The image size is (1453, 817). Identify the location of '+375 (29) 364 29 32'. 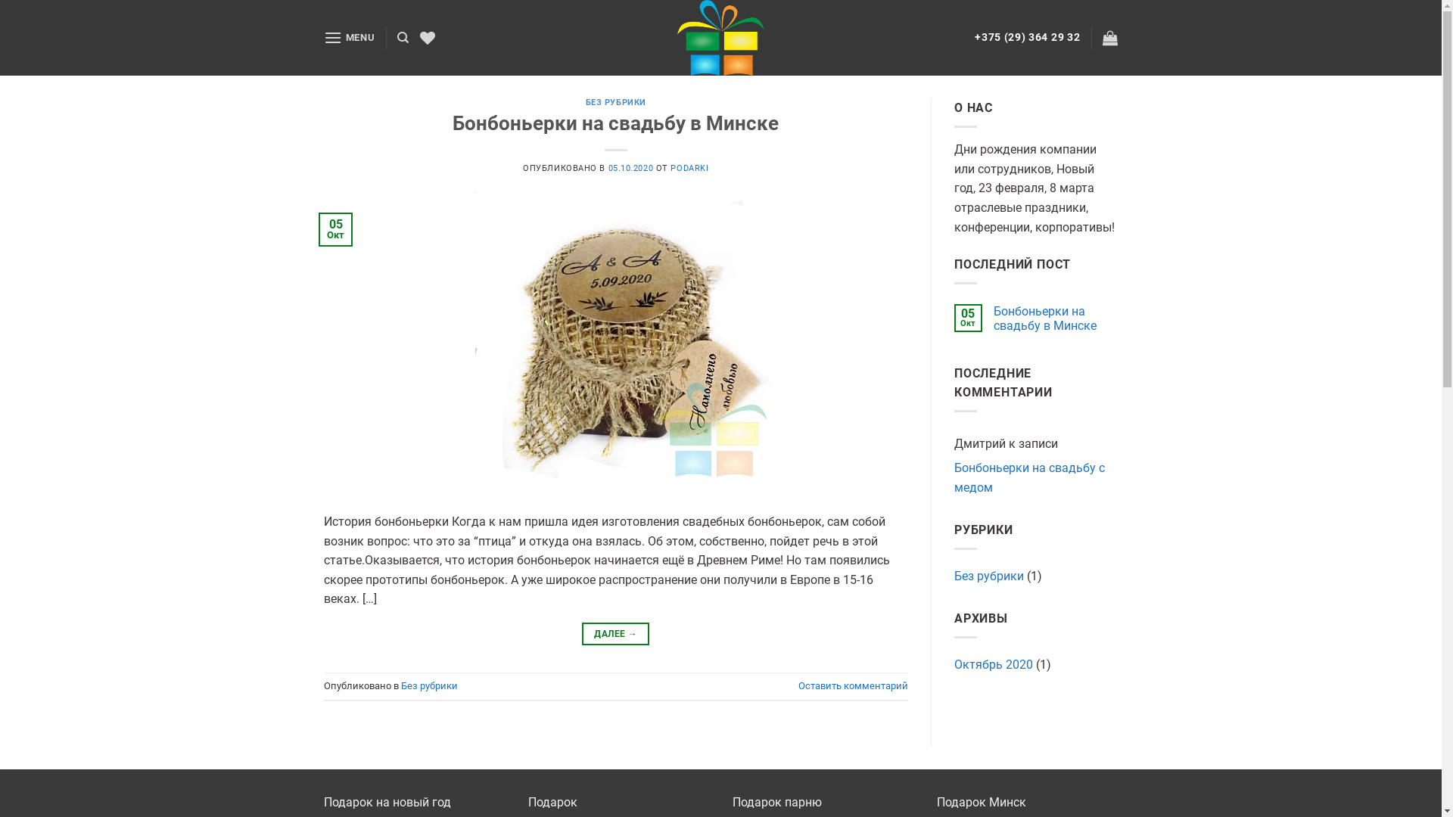
(974, 36).